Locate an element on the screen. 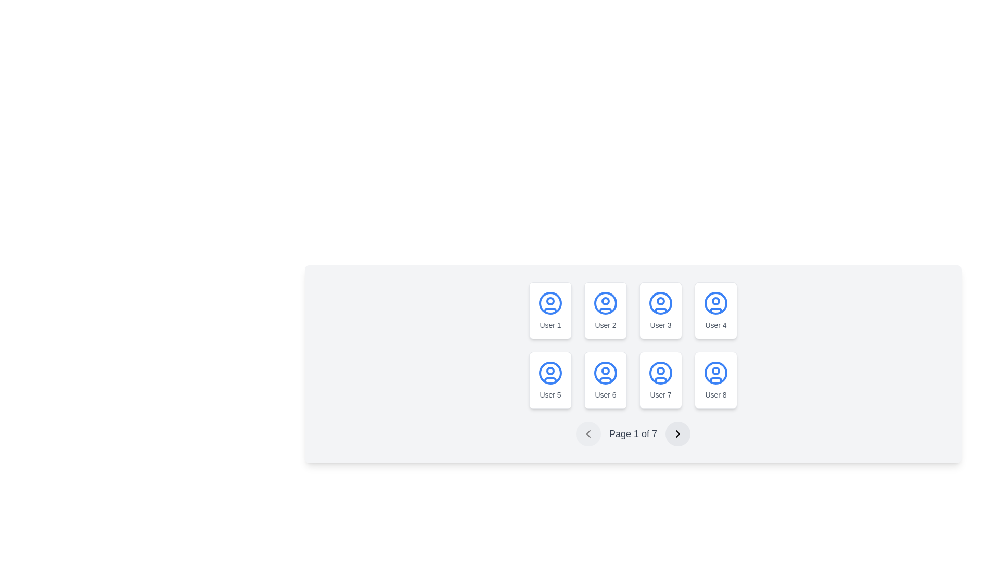  the circular user icon with a blue outline representing 'User 3' located at the top center of the card in the third column of the first row is located at coordinates (660, 303).